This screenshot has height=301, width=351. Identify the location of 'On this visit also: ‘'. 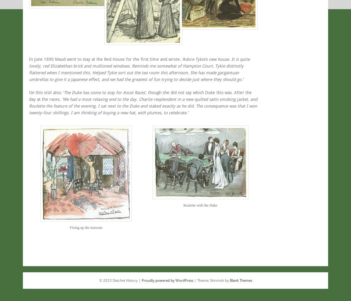
(46, 92).